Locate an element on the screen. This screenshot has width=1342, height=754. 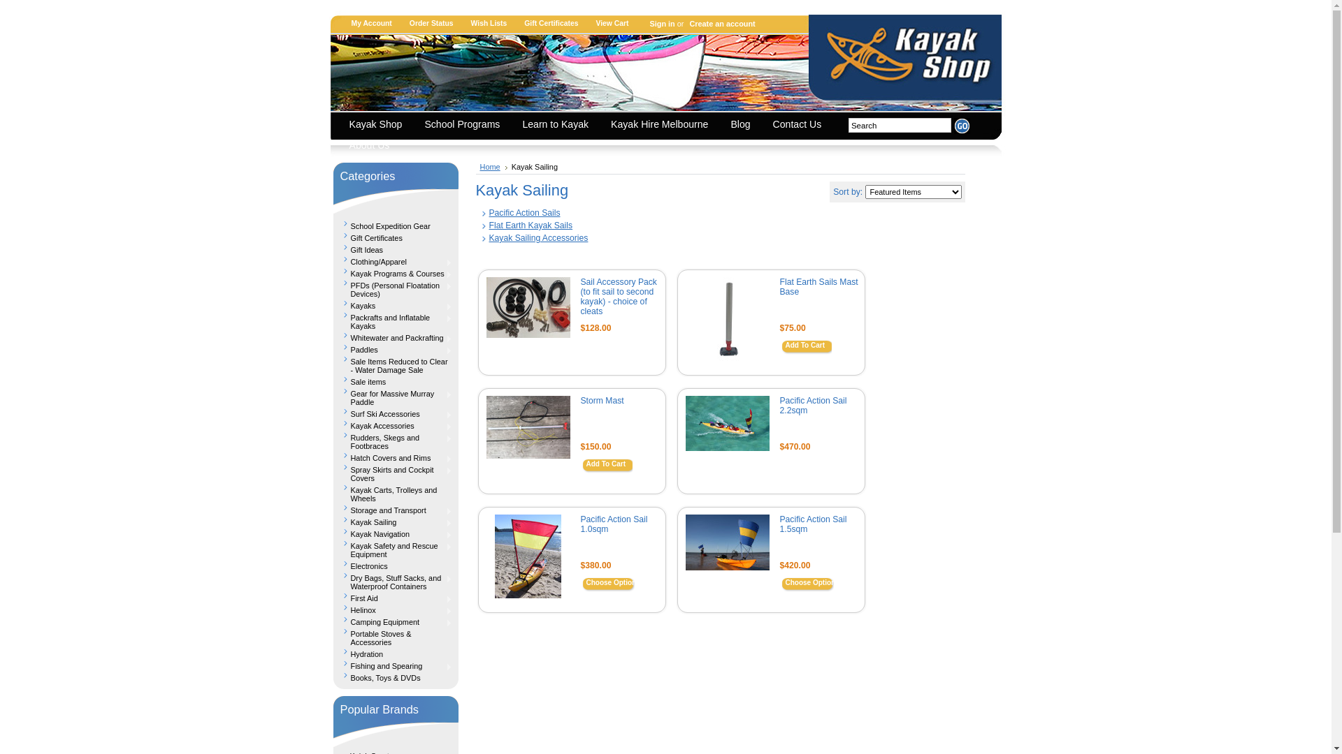
'Learn to Kayak' is located at coordinates (558, 126).